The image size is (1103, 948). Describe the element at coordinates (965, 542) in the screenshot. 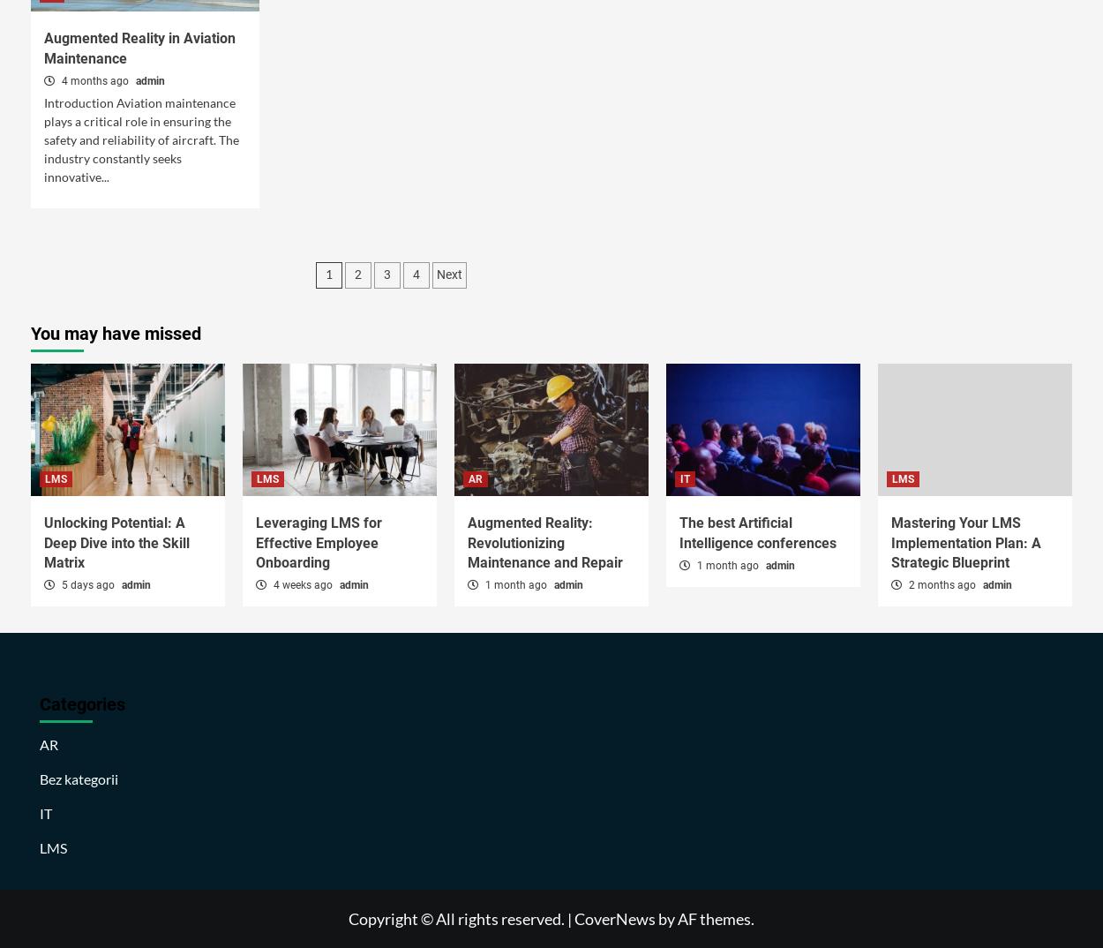

I see `'Mastering Your LMS Implementation Plan: A Strategic Blueprint'` at that location.